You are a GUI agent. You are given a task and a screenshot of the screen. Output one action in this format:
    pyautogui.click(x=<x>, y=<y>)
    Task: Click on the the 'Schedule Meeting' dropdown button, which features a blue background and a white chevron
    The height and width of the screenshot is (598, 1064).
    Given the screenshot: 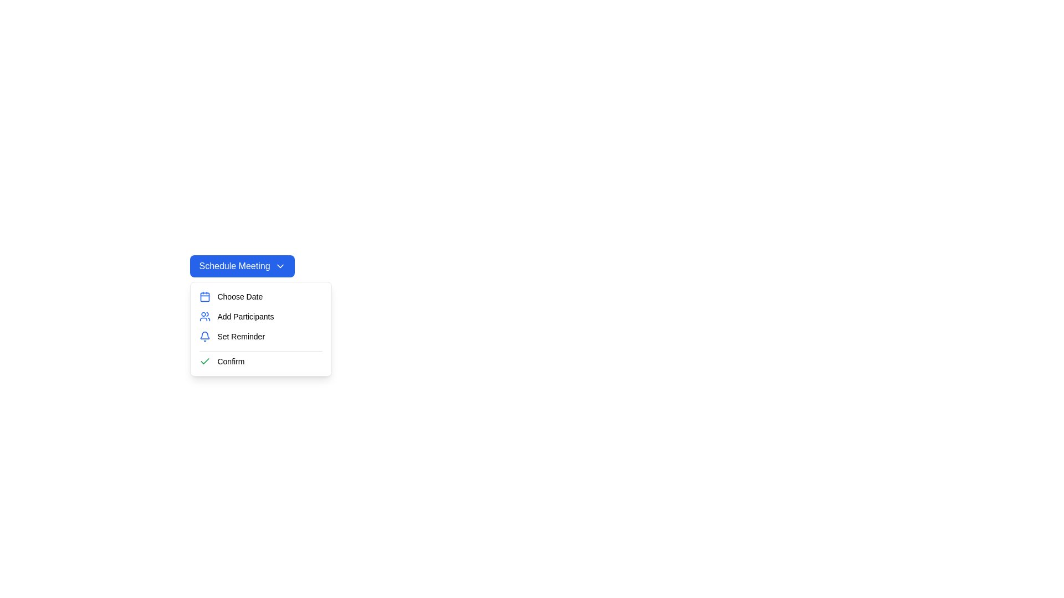 What is the action you would take?
    pyautogui.click(x=242, y=266)
    